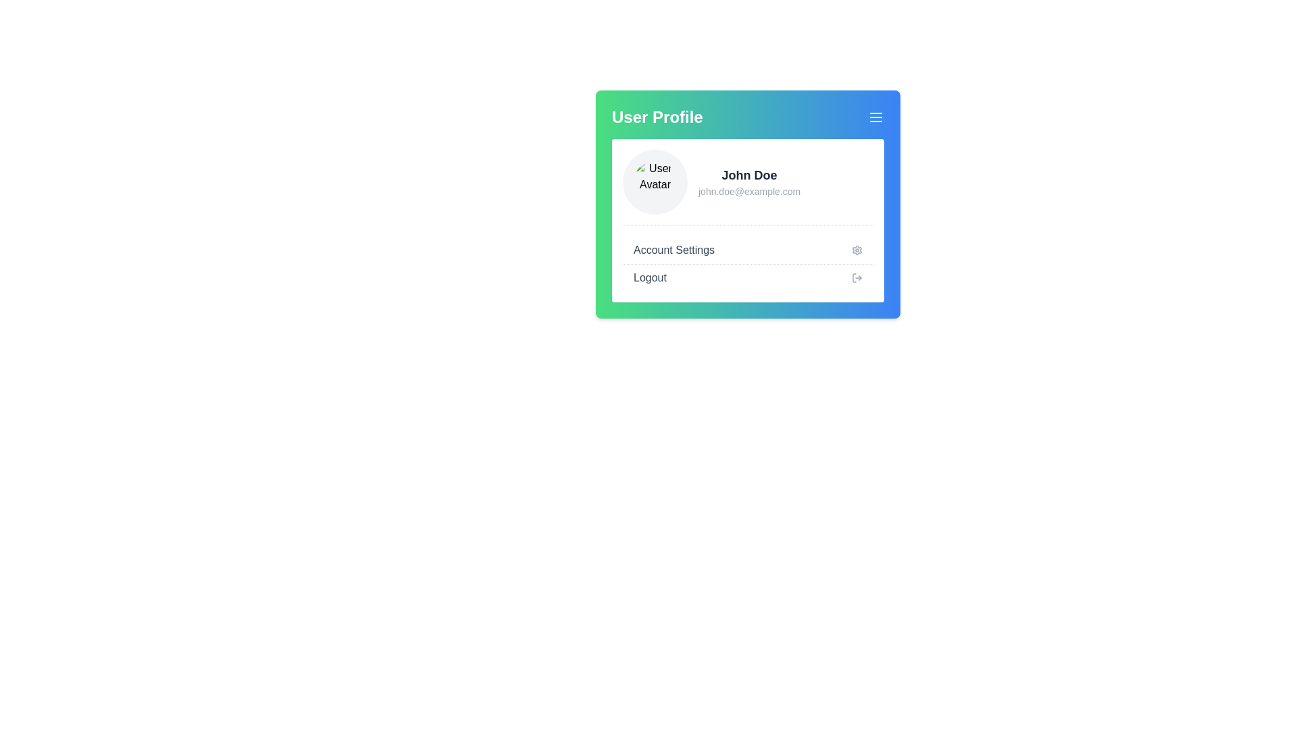  What do you see at coordinates (747, 264) in the screenshot?
I see `the Divider Line that separates the 'Account Settings' and 'Logout' options in the dropdown menu` at bounding box center [747, 264].